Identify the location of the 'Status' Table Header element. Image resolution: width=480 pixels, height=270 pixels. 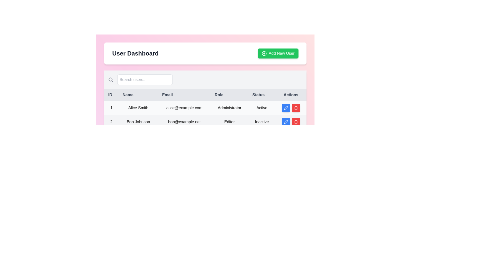
(261, 95).